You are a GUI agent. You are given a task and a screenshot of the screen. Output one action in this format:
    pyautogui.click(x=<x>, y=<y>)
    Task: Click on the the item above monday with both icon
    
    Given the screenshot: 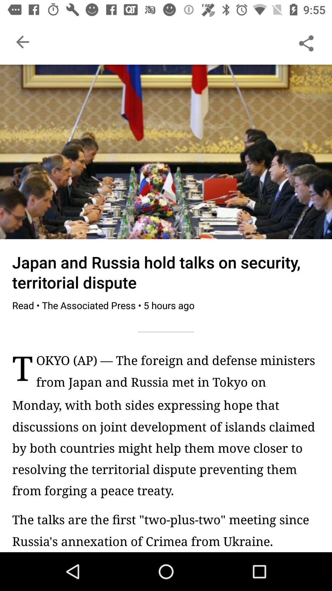 What is the action you would take?
    pyautogui.click(x=178, y=374)
    